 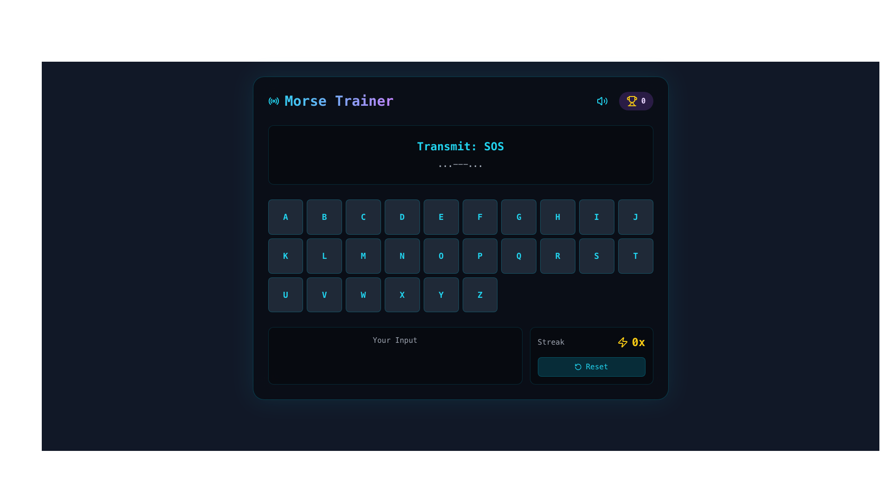 What do you see at coordinates (460, 154) in the screenshot?
I see `the static text display that serves as a visual indicator for Morse code transmission, centrally aligned within a dark rectangular area near the top-middle of the interface` at bounding box center [460, 154].